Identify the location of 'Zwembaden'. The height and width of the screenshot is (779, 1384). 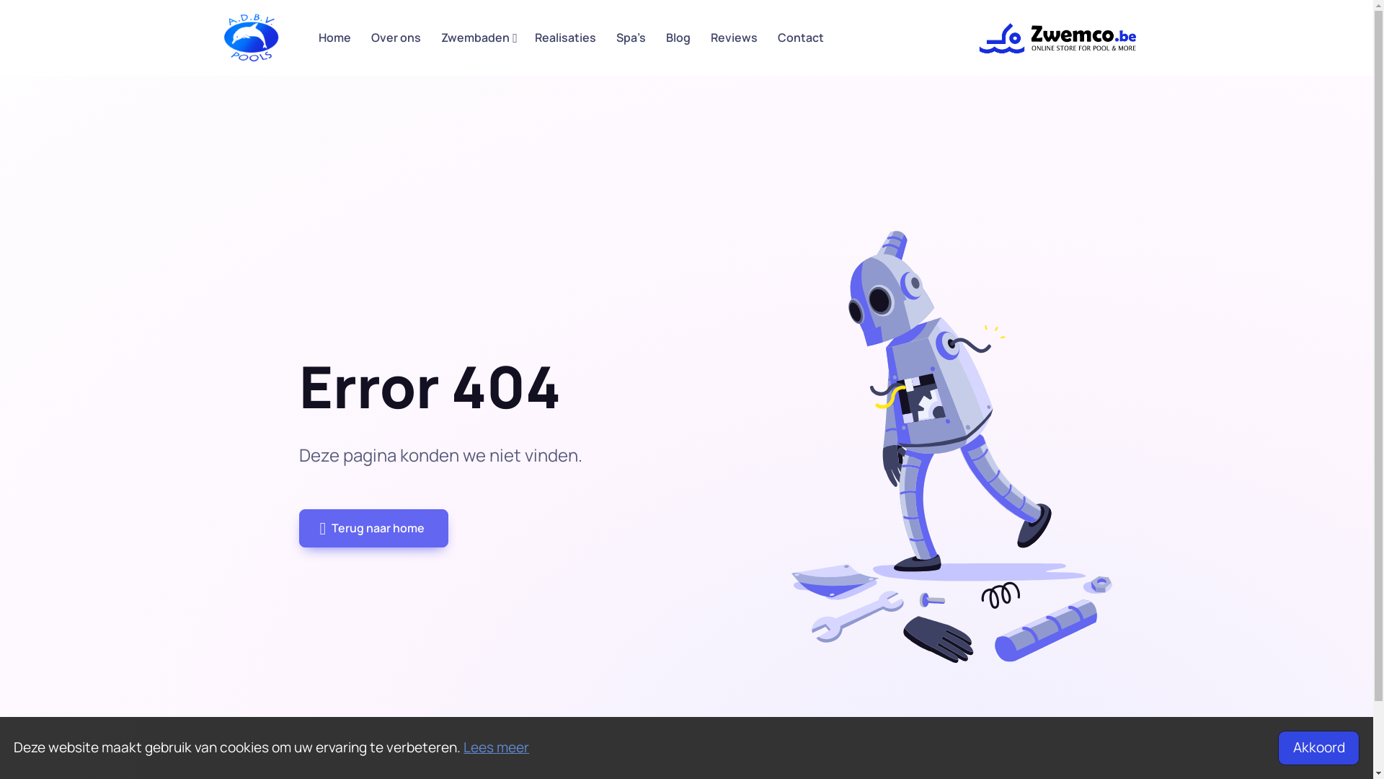
(477, 37).